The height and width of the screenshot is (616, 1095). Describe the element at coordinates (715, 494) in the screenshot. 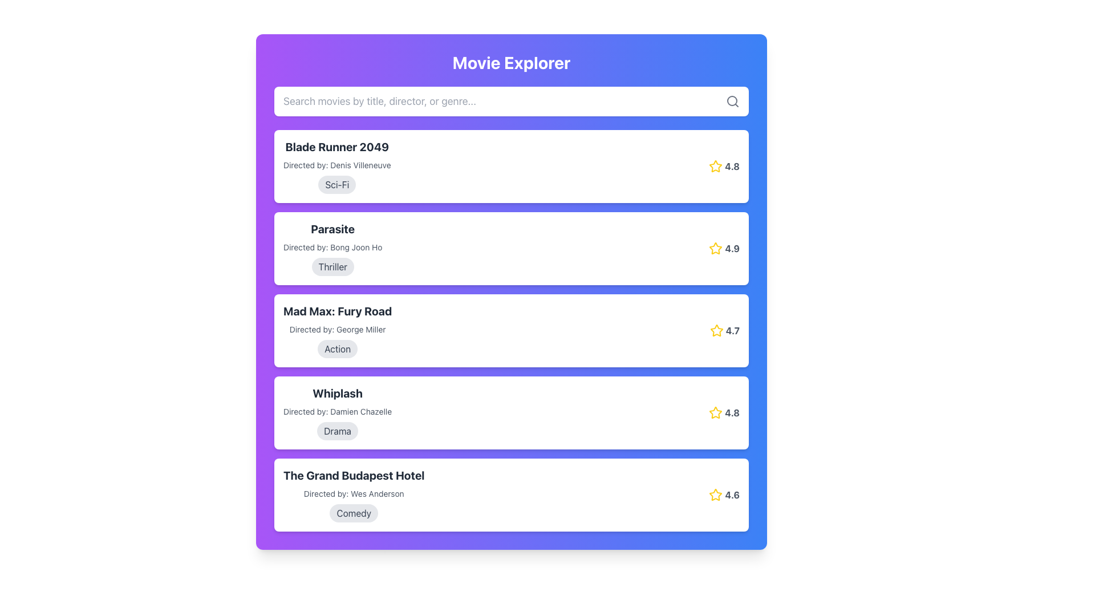

I see `the star icon that visually represents the rating, located to the left of the numeric score '4.6' in the bottom-most item of the listing` at that location.